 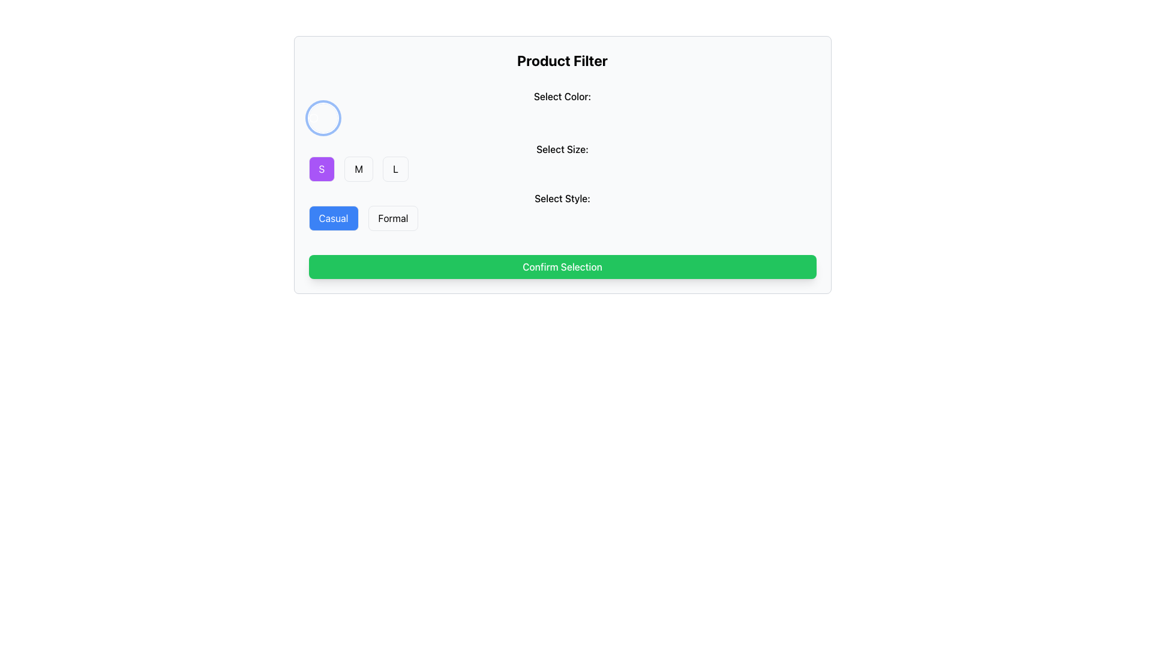 I want to click on the fifth green circular button with shadow effects, so click(x=400, y=118).